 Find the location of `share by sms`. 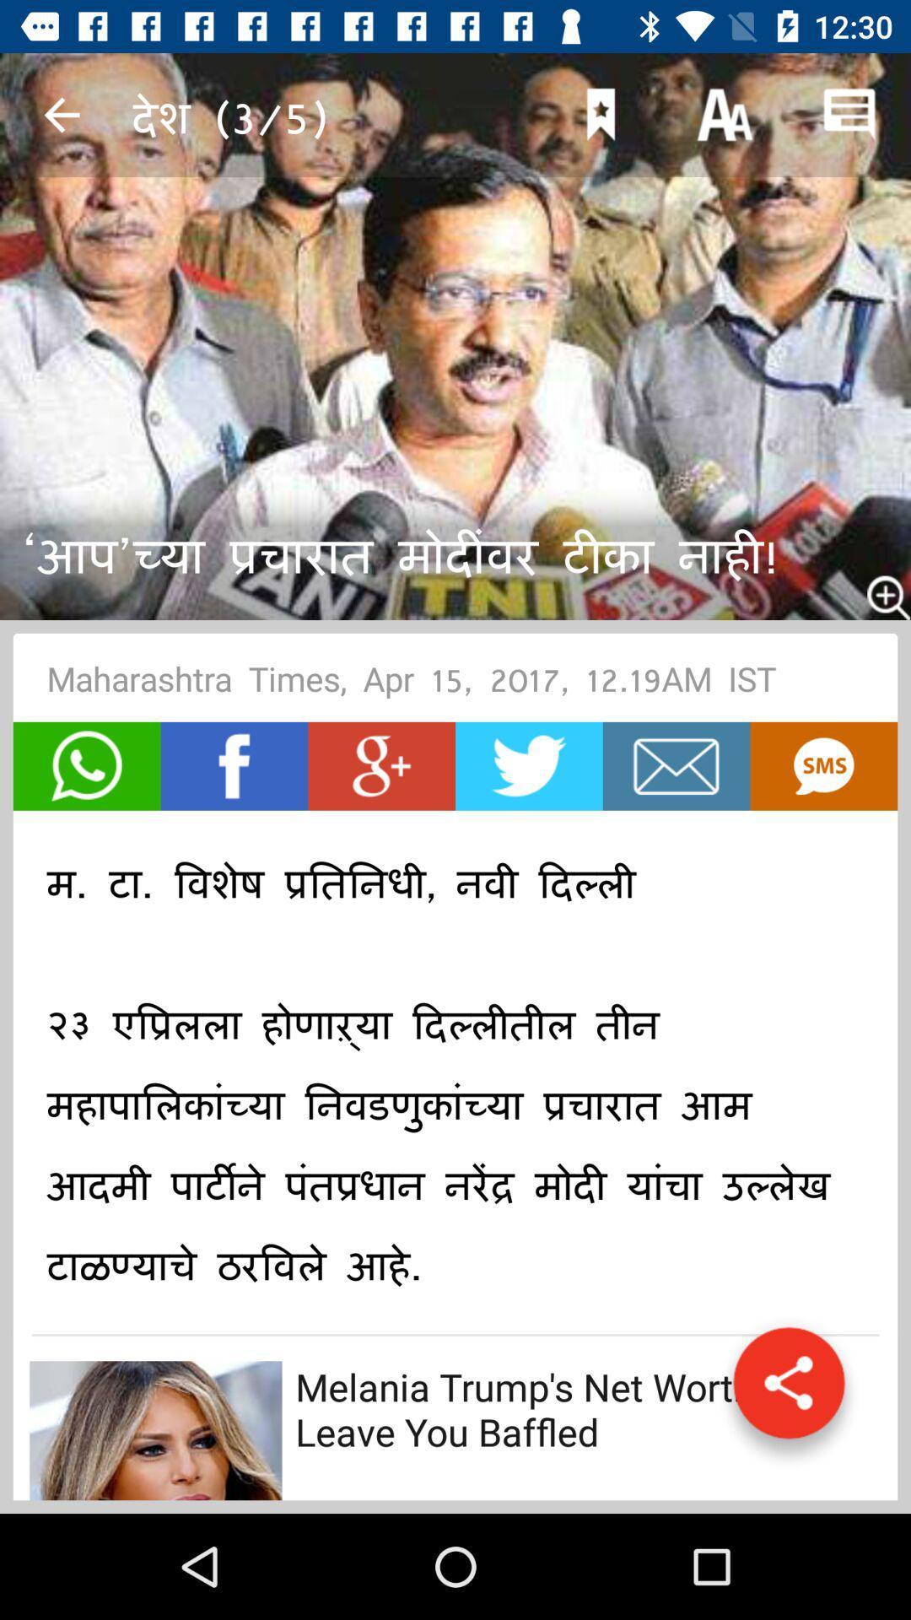

share by sms is located at coordinates (822, 765).